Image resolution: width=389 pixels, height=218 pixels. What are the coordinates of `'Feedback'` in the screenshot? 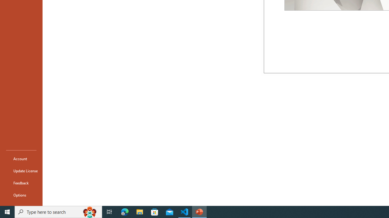 It's located at (21, 183).